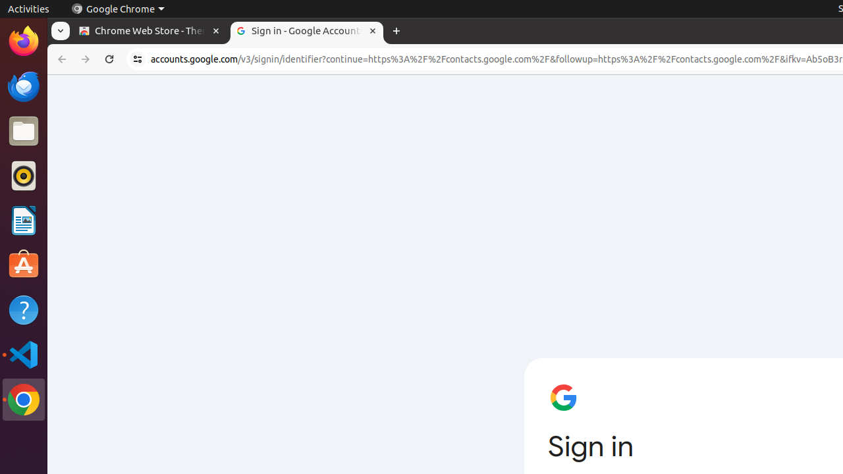 The image size is (843, 474). Describe the element at coordinates (85, 59) in the screenshot. I see `'Forward'` at that location.